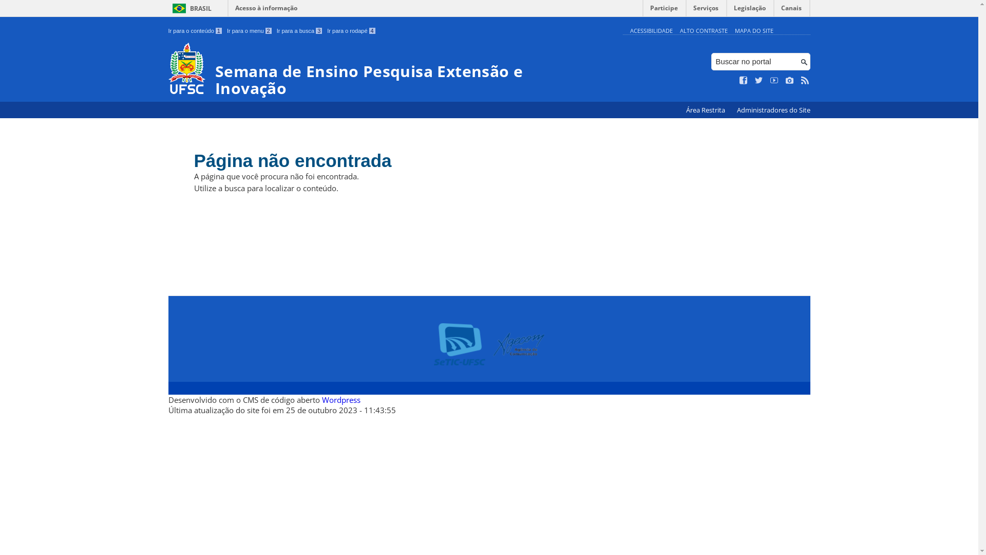 The width and height of the screenshot is (986, 555). What do you see at coordinates (650, 30) in the screenshot?
I see `'ACESSIBILIDADE'` at bounding box center [650, 30].